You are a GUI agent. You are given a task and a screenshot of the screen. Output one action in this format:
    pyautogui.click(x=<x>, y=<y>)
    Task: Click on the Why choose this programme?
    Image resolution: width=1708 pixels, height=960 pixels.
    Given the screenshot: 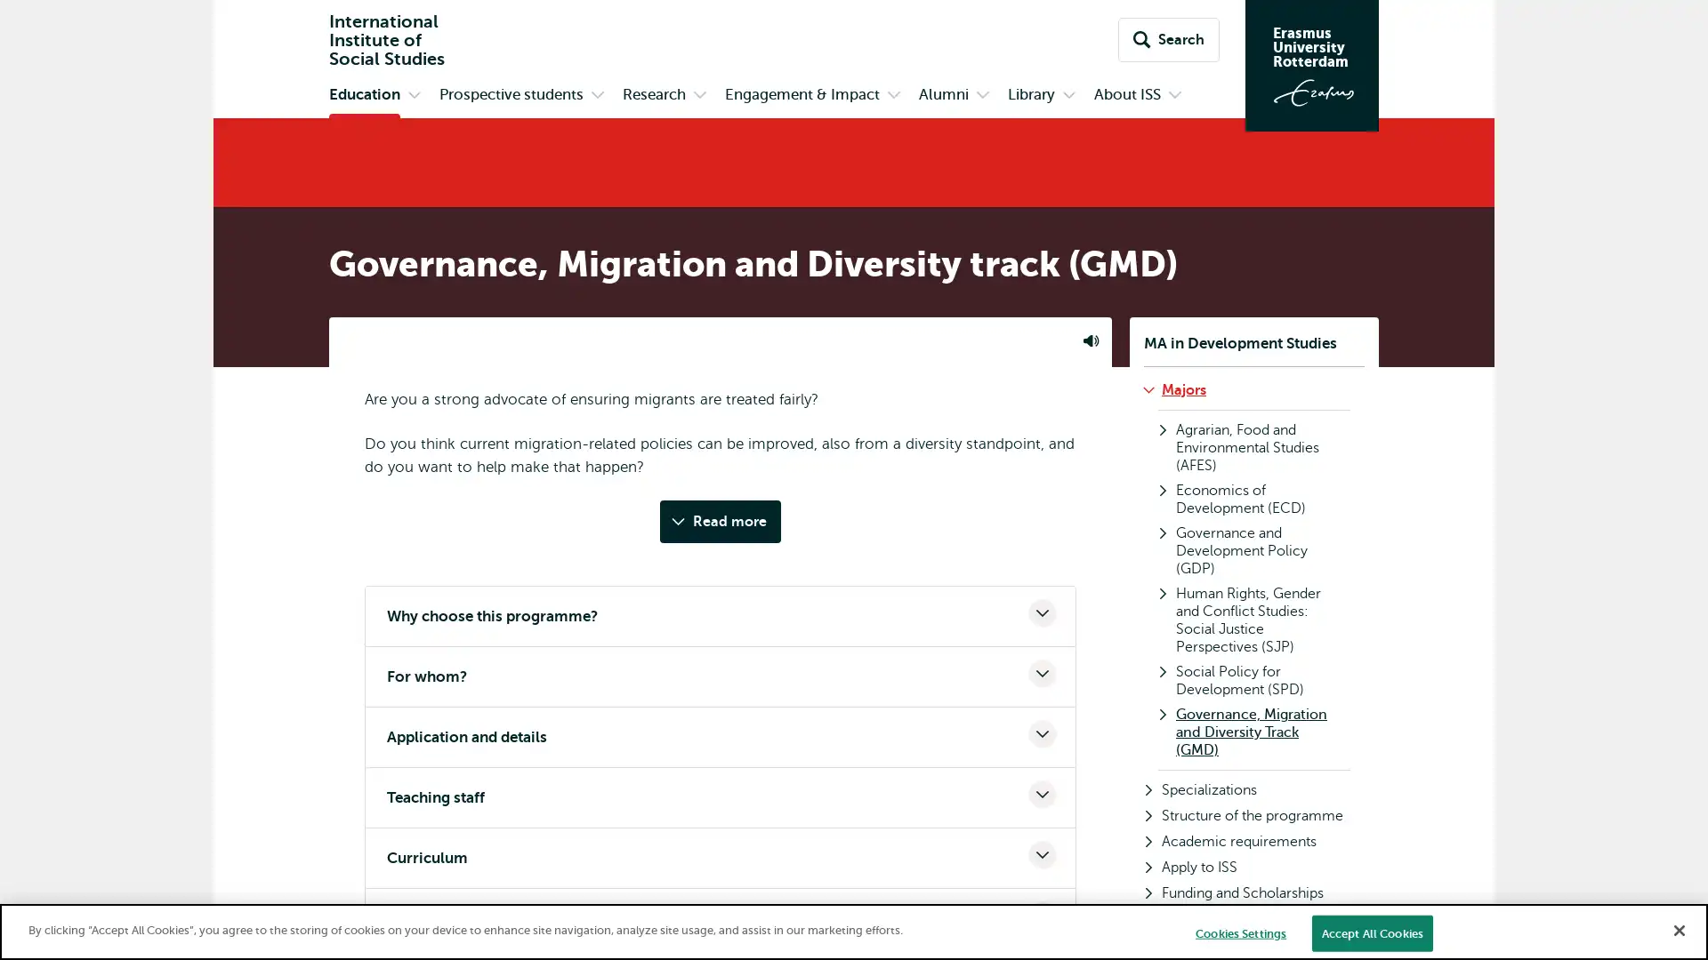 What is the action you would take?
    pyautogui.click(x=721, y=615)
    